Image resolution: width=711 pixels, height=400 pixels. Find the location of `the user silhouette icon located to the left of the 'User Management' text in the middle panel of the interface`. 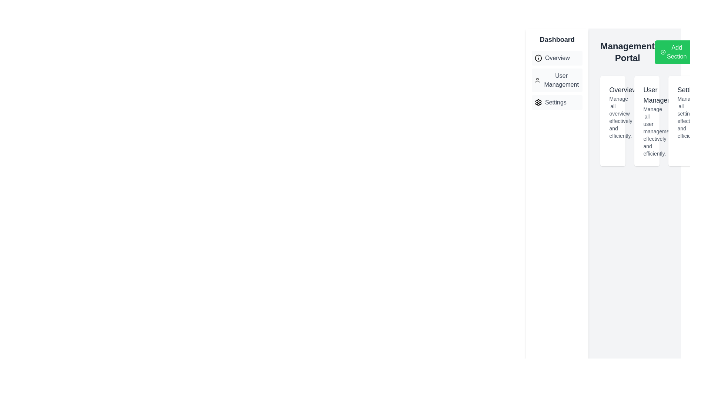

the user silhouette icon located to the left of the 'User Management' text in the middle panel of the interface is located at coordinates (537, 80).